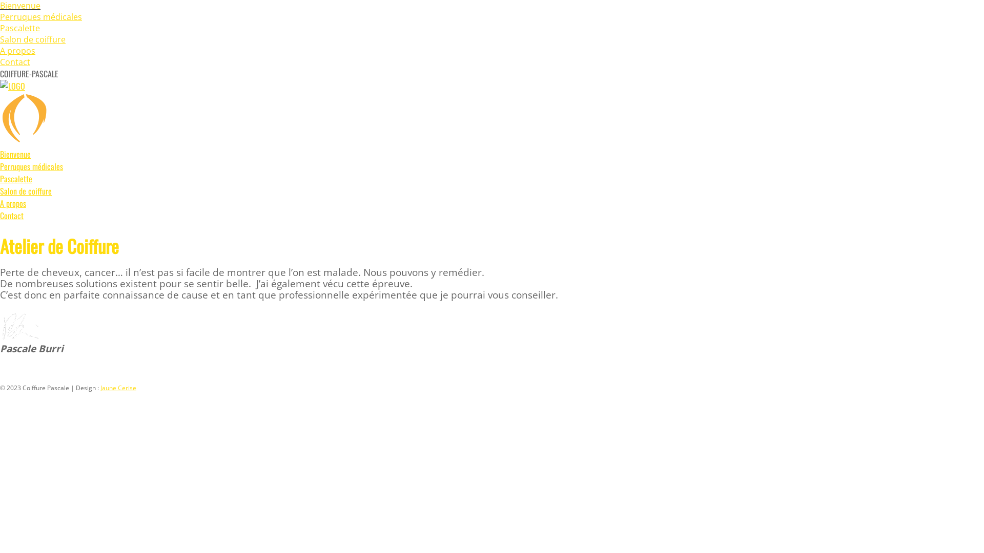 The width and height of the screenshot is (984, 553). What do you see at coordinates (32, 39) in the screenshot?
I see `'Salon de coiffure'` at bounding box center [32, 39].